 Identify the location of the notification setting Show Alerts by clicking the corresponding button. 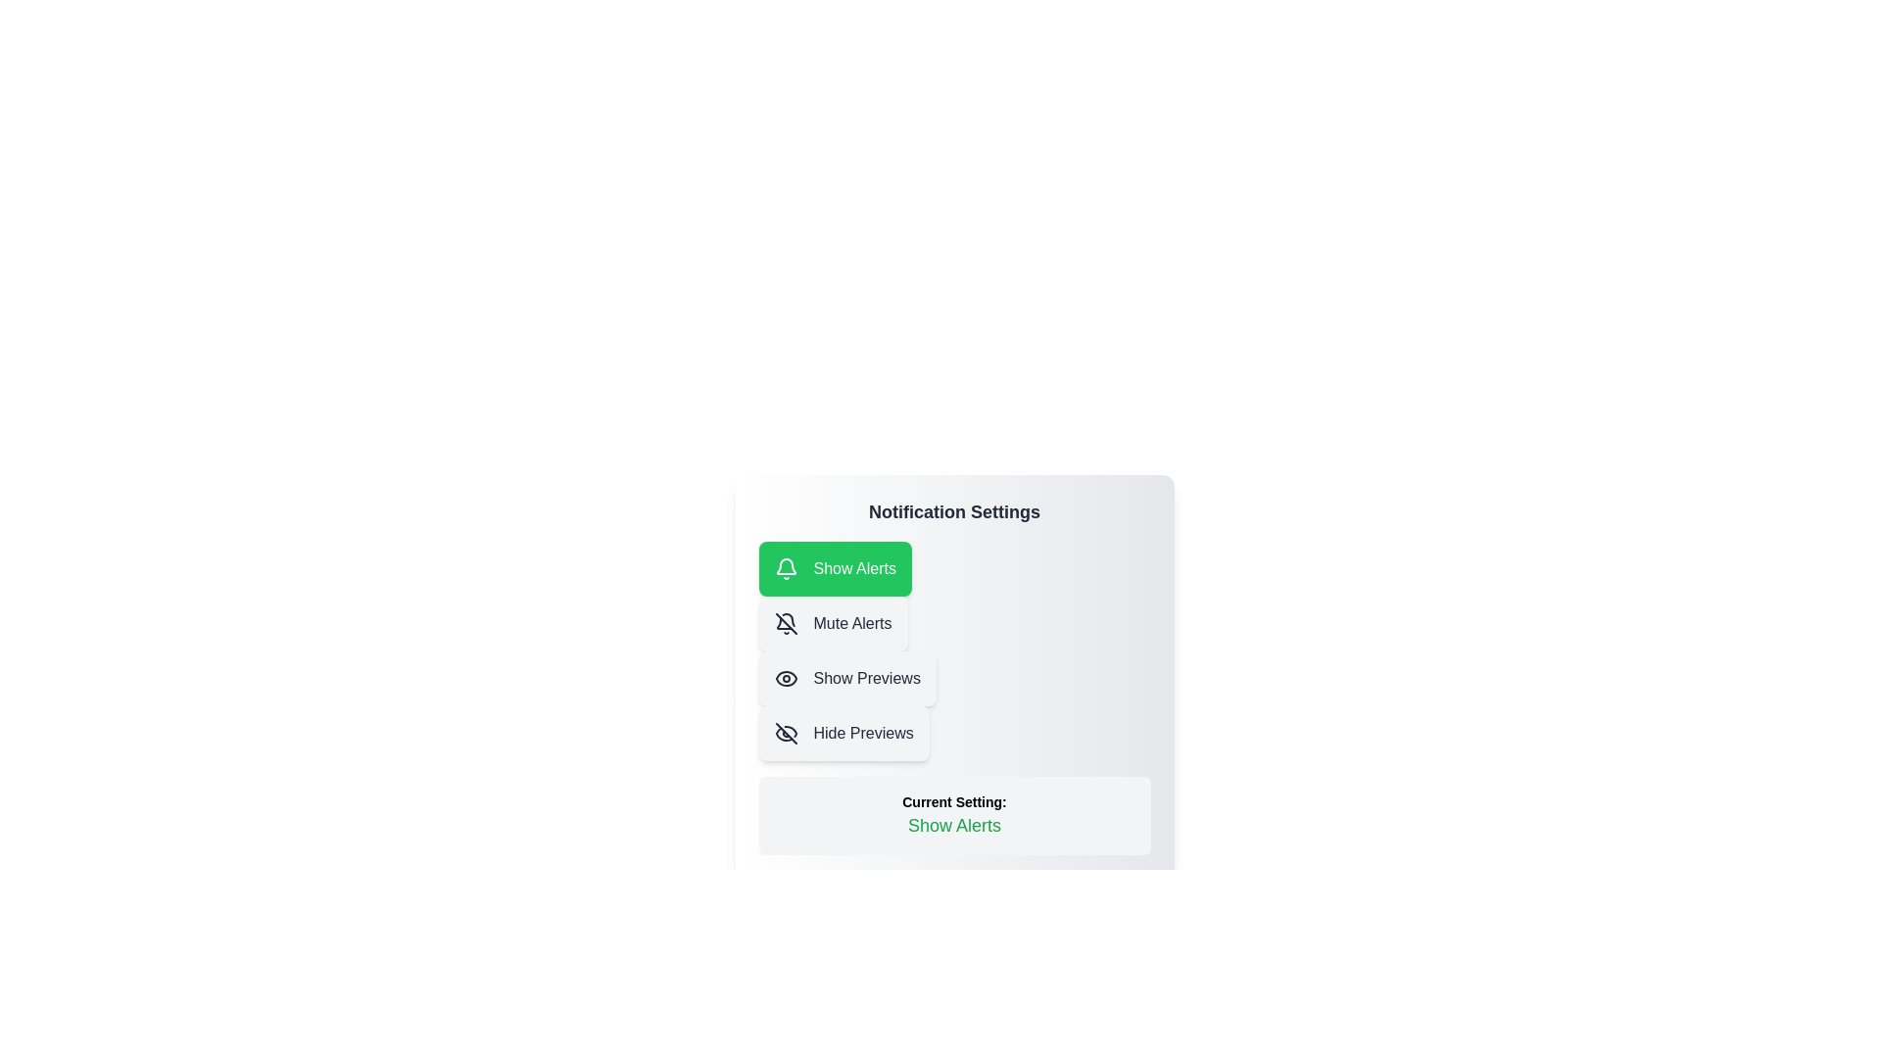
(835, 569).